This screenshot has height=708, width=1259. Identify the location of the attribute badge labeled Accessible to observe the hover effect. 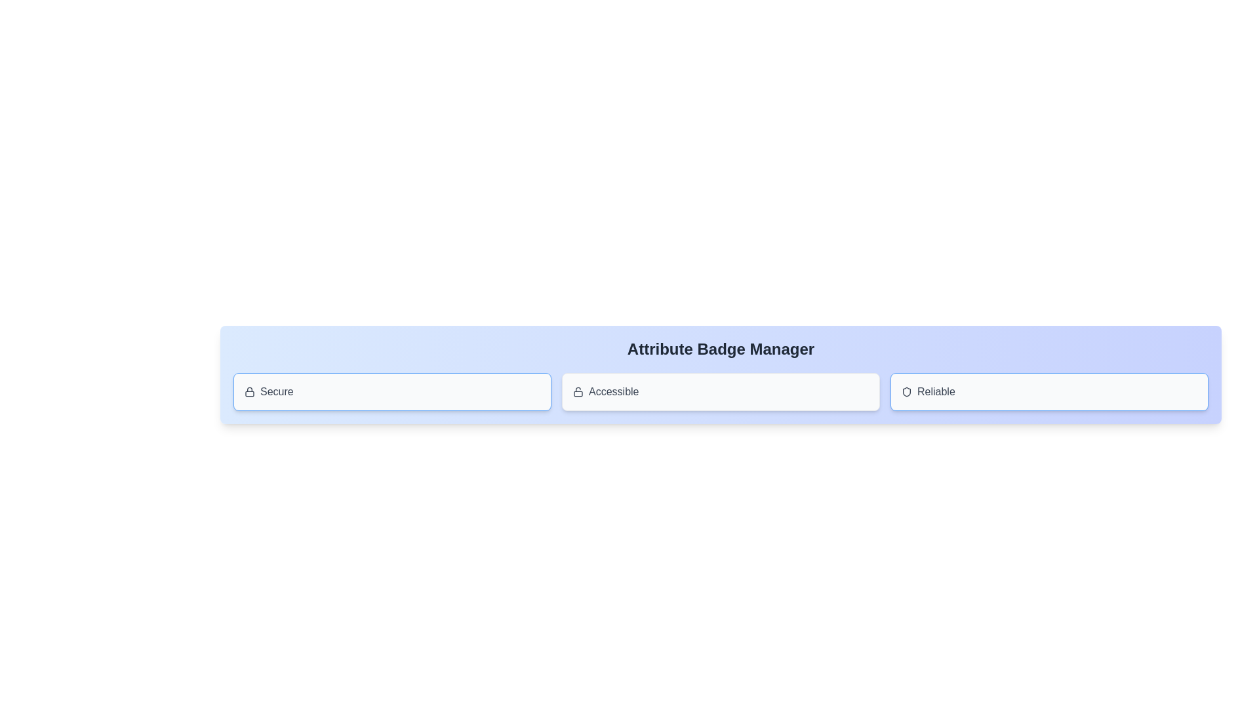
(720, 391).